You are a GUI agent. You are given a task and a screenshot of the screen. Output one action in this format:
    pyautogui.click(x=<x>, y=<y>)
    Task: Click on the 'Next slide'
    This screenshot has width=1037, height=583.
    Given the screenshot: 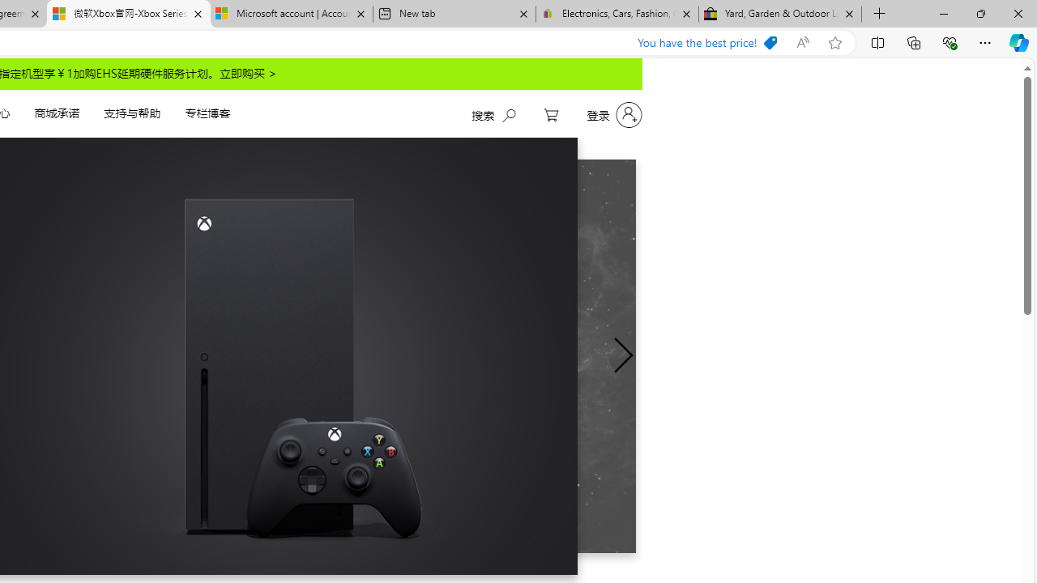 What is the action you would take?
    pyautogui.click(x=622, y=355)
    